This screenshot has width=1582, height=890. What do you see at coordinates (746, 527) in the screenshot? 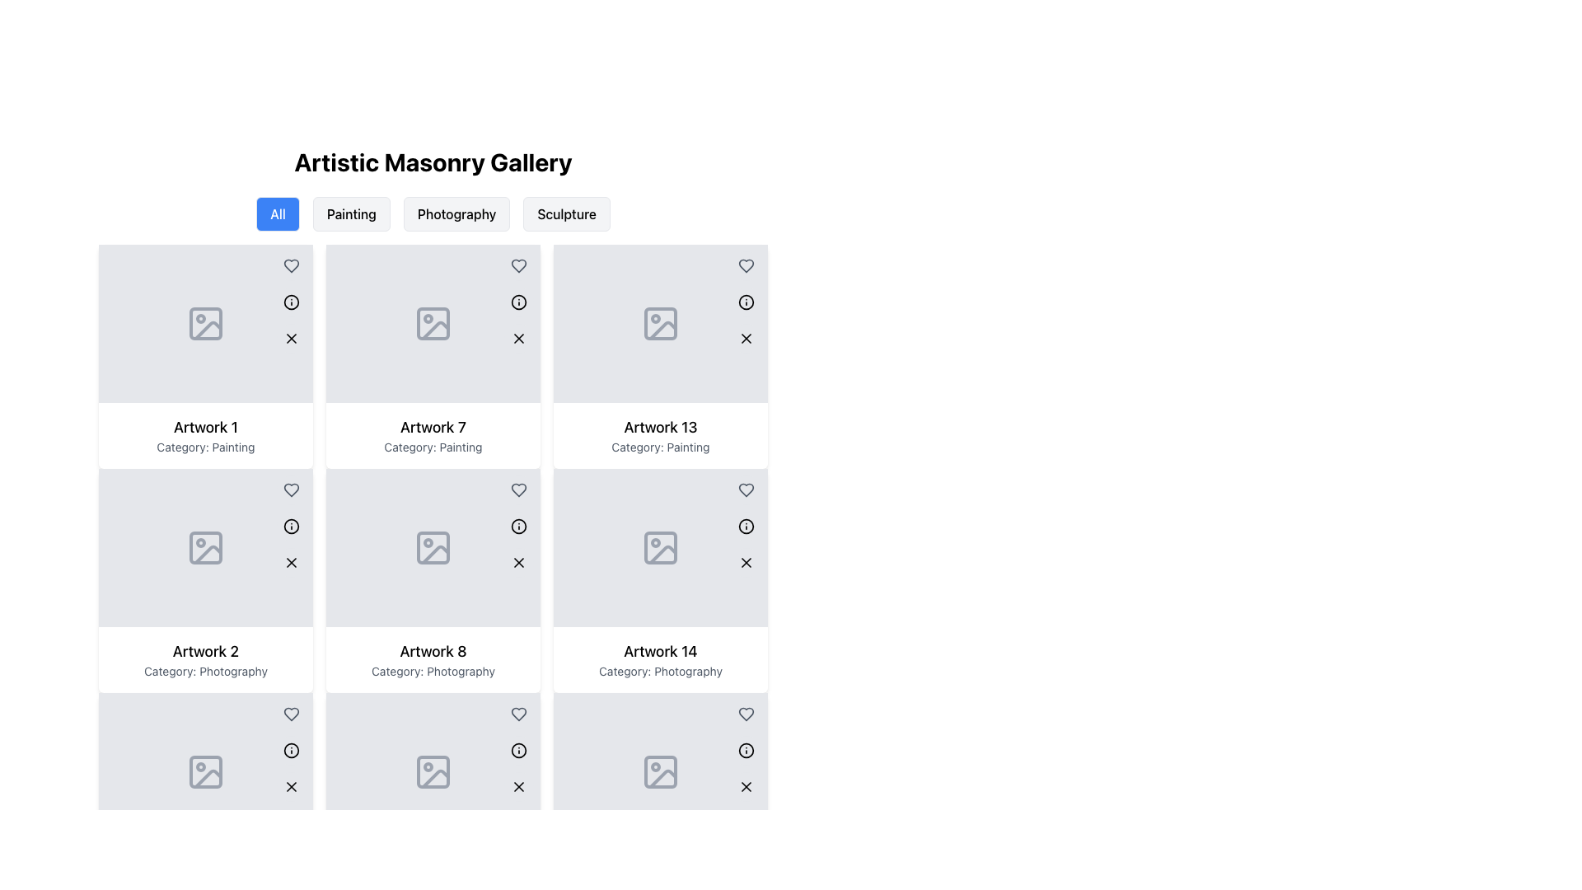
I see `the circular information icon located in the 'Artwork 13' section` at bounding box center [746, 527].